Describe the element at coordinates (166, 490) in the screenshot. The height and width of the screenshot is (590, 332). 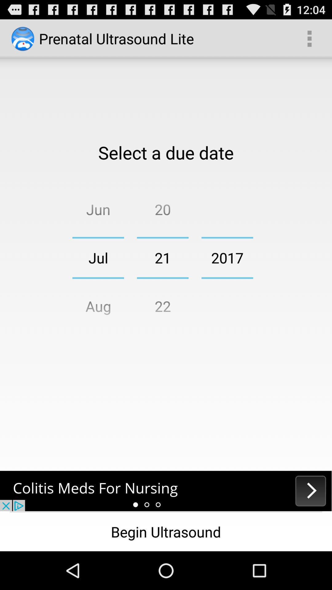
I see `open advertisement` at that location.